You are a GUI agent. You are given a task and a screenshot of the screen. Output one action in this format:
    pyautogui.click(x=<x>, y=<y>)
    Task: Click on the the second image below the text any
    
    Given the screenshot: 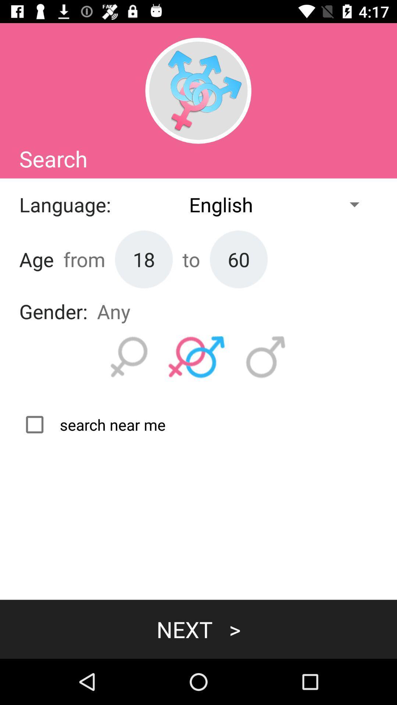 What is the action you would take?
    pyautogui.click(x=196, y=357)
    